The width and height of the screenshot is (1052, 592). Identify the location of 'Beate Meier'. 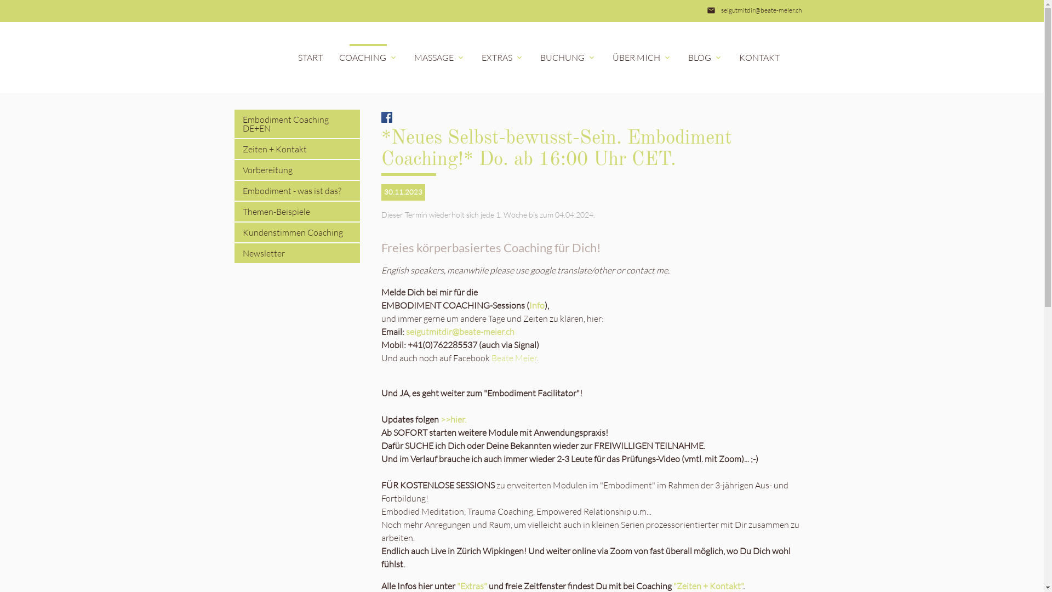
(513, 357).